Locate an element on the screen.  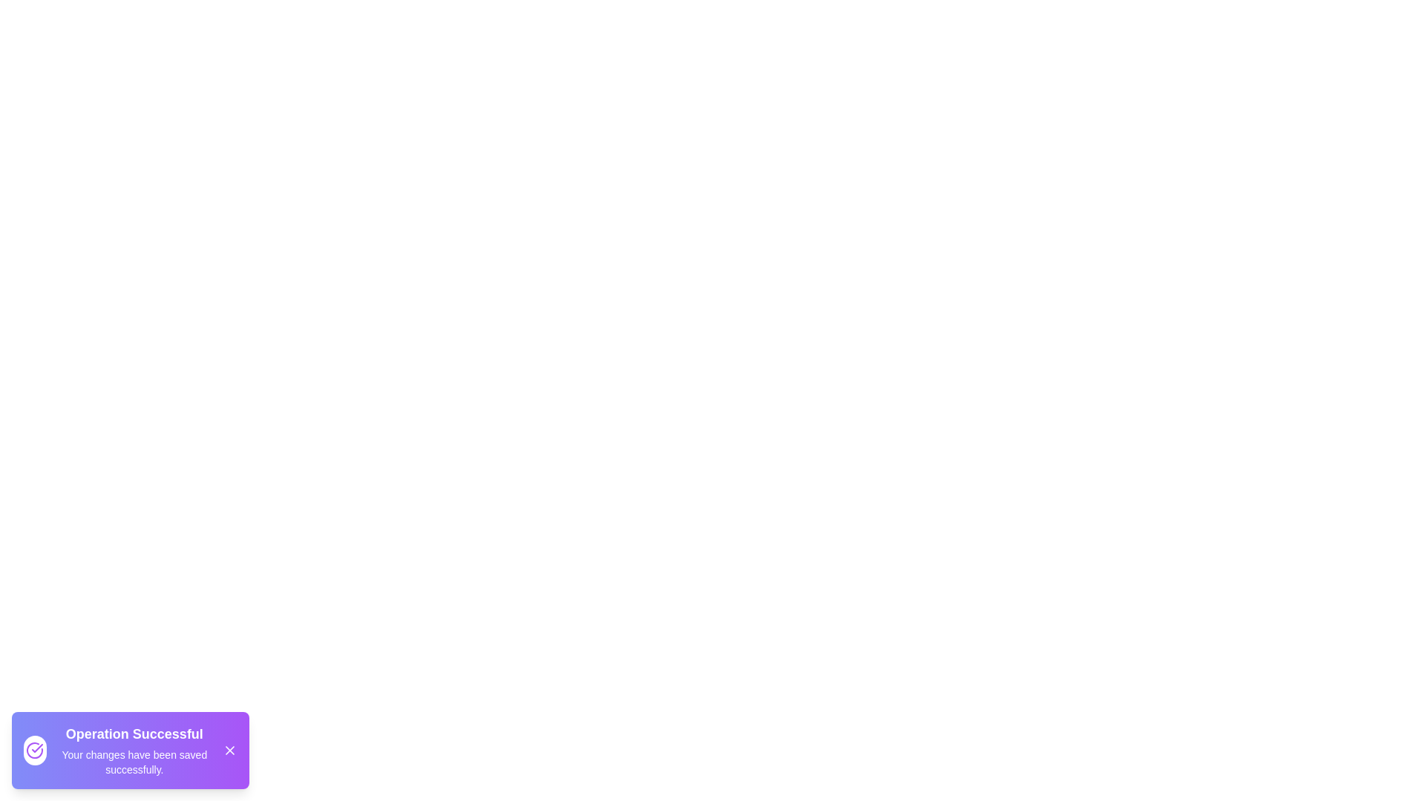
the ModernSnackbar component for accessibility interaction is located at coordinates (131, 750).